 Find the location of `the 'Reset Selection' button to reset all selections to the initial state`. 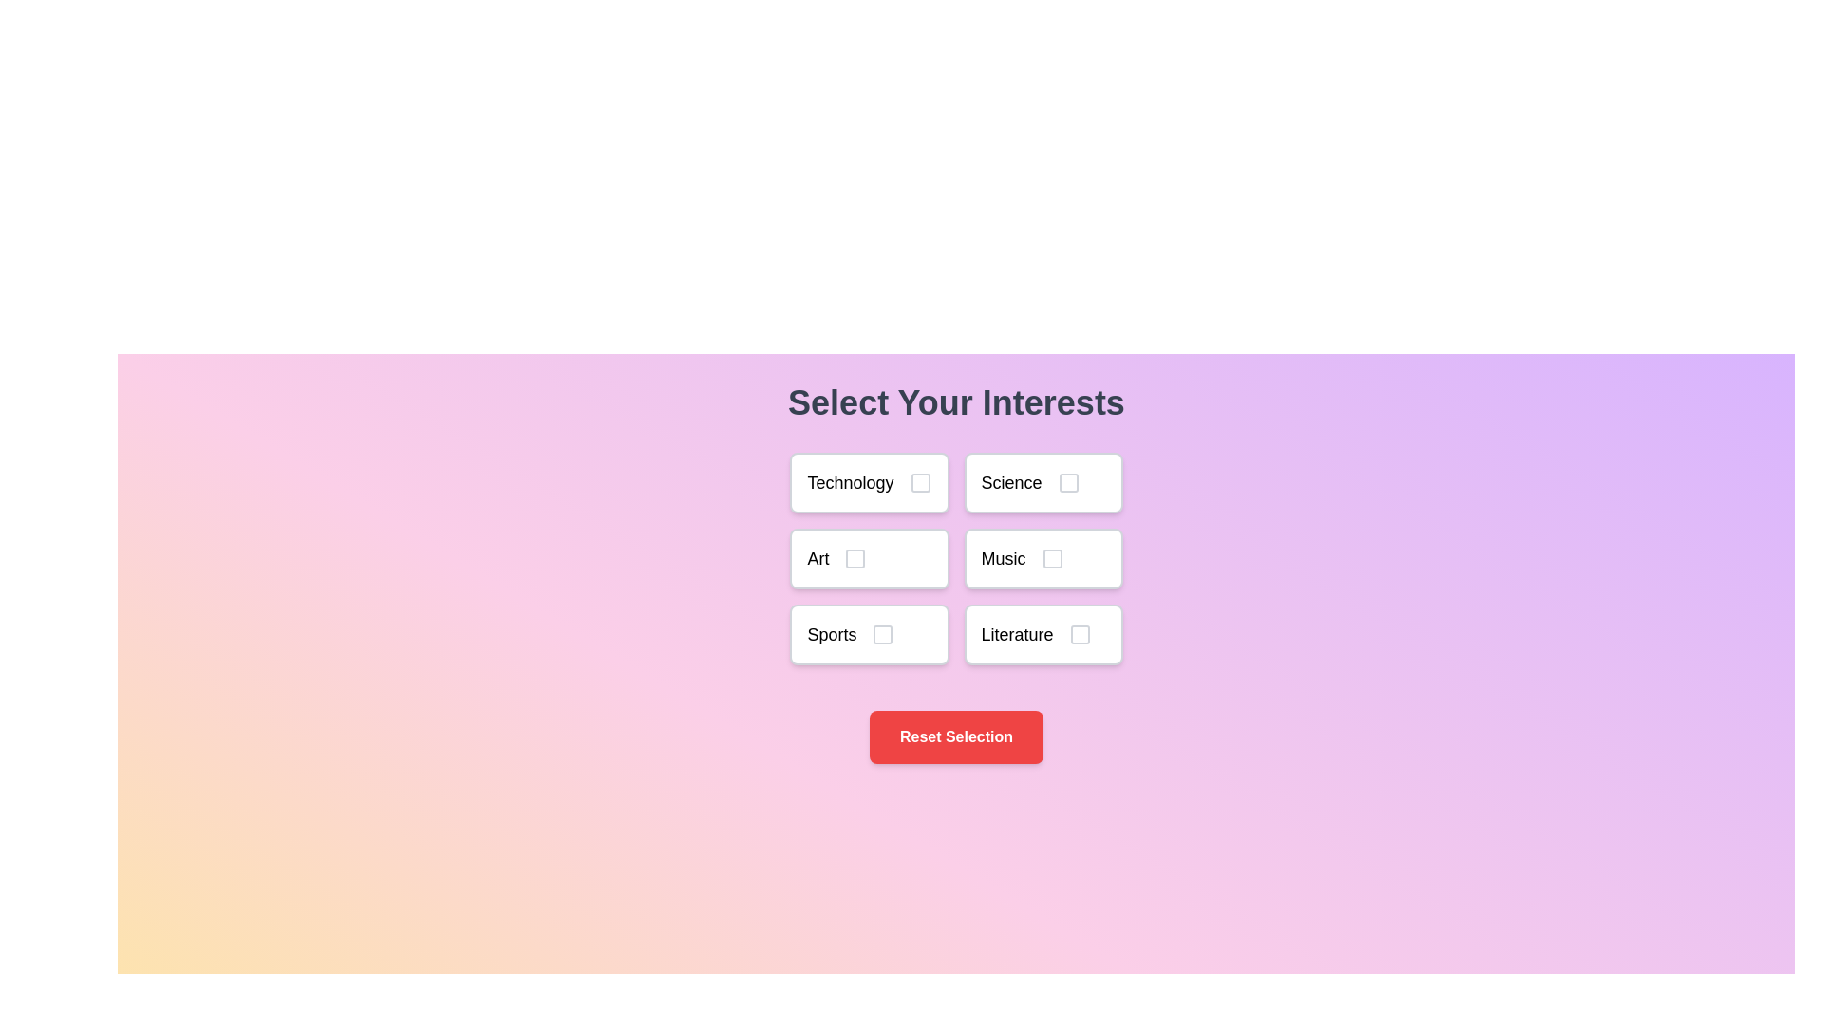

the 'Reset Selection' button to reset all selections to the initial state is located at coordinates (956, 736).